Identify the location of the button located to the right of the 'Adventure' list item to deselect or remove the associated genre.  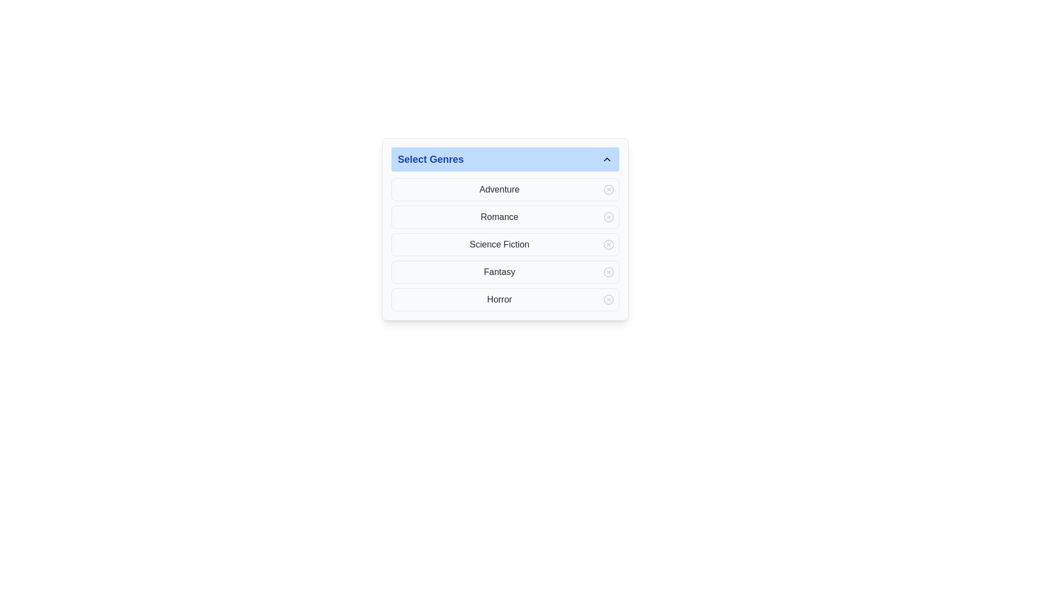
(608, 189).